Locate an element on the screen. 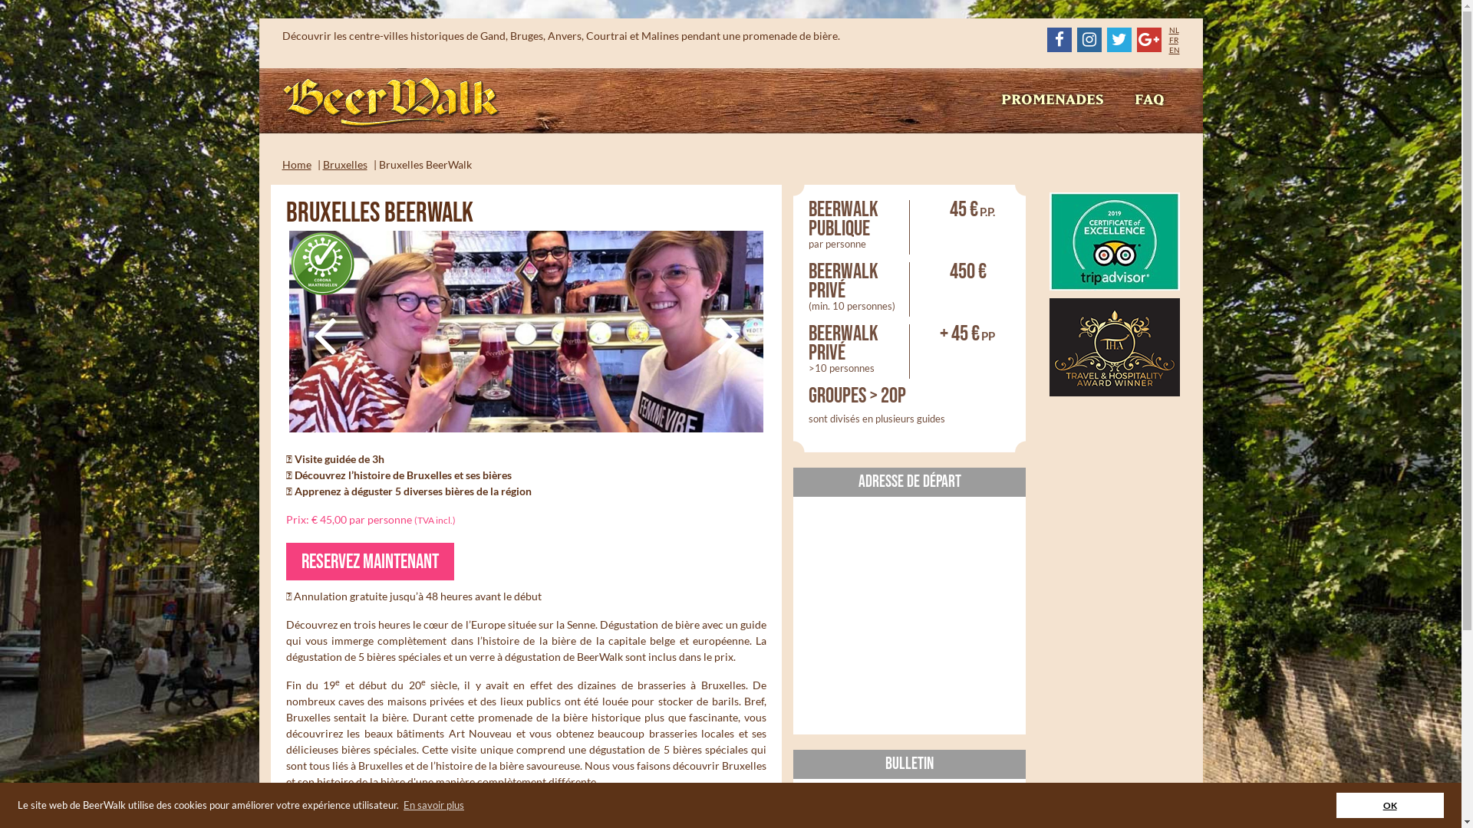 The image size is (1473, 828). 'RESERVEZ MAINTENANT' is located at coordinates (369, 561).